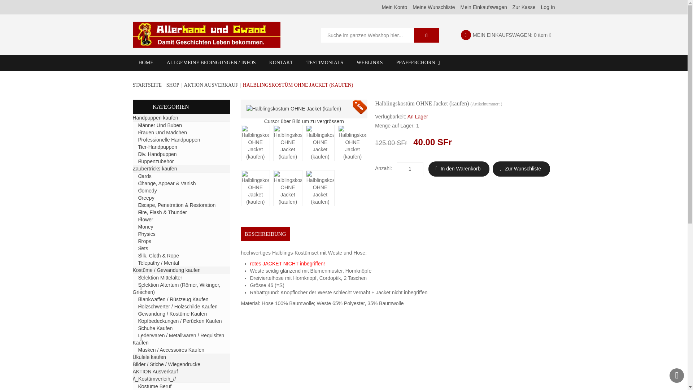 The image size is (693, 390). What do you see at coordinates (369, 62) in the screenshot?
I see `'WEBLINKS'` at bounding box center [369, 62].